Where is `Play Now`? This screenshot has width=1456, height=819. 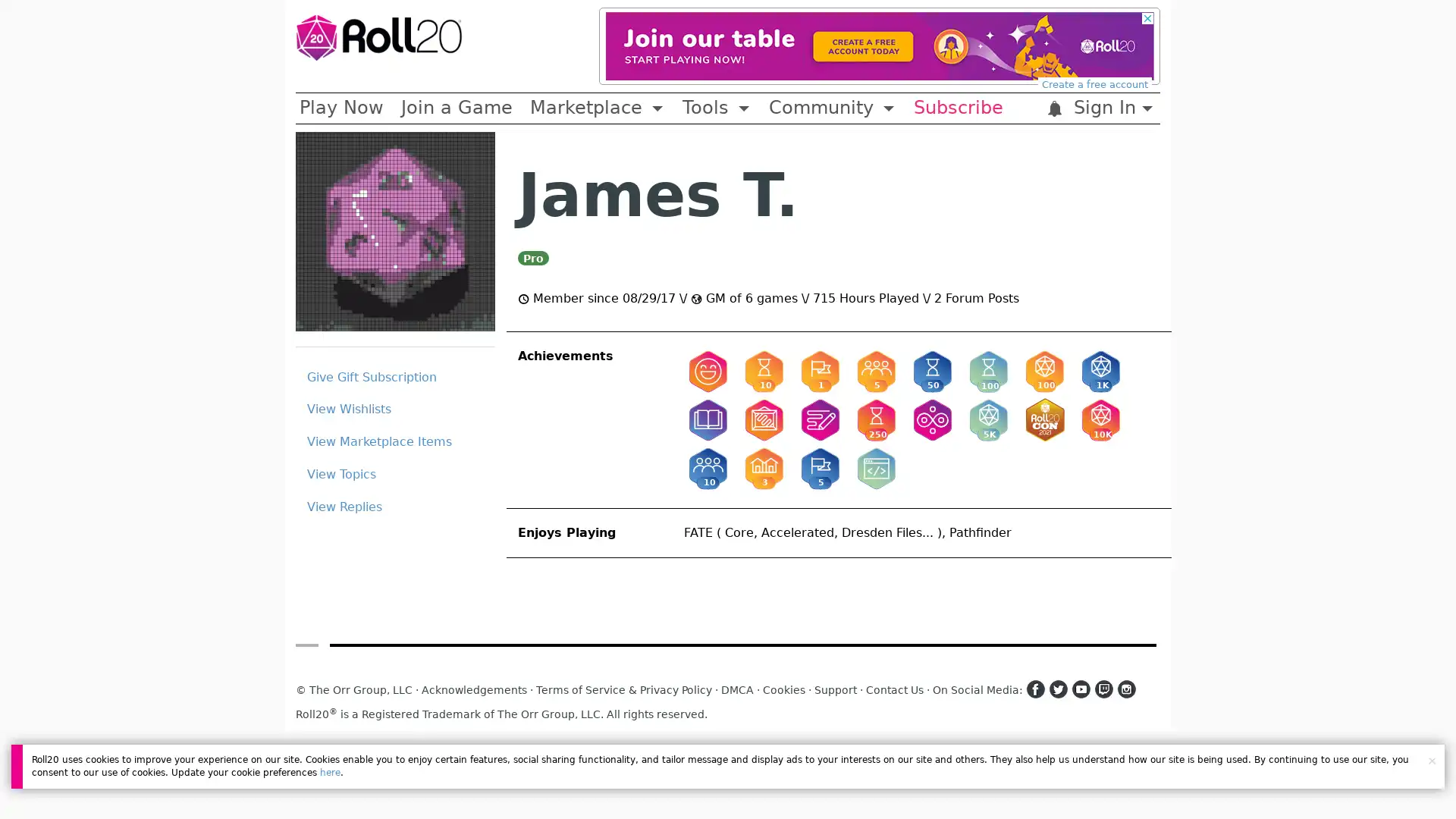
Play Now is located at coordinates (340, 107).